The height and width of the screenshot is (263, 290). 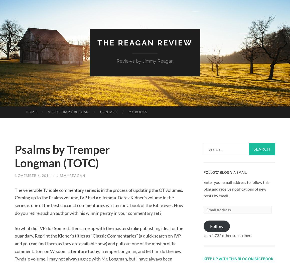 I want to click on 'jimmyreagan', so click(x=71, y=175).